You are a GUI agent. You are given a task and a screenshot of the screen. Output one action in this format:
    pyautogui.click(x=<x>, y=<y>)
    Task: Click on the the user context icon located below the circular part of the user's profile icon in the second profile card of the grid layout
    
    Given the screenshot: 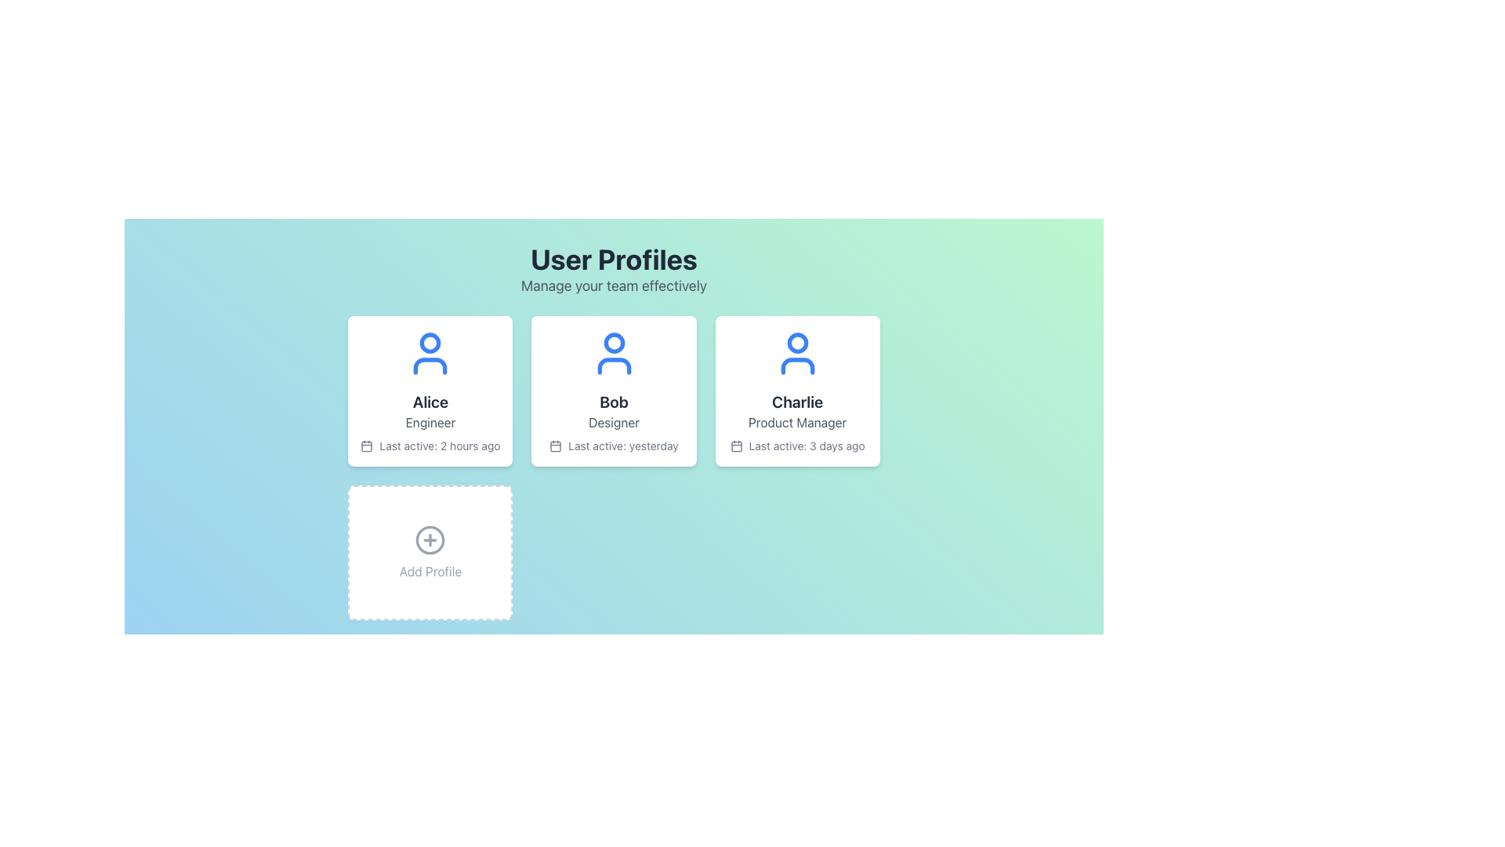 What is the action you would take?
    pyautogui.click(x=613, y=365)
    